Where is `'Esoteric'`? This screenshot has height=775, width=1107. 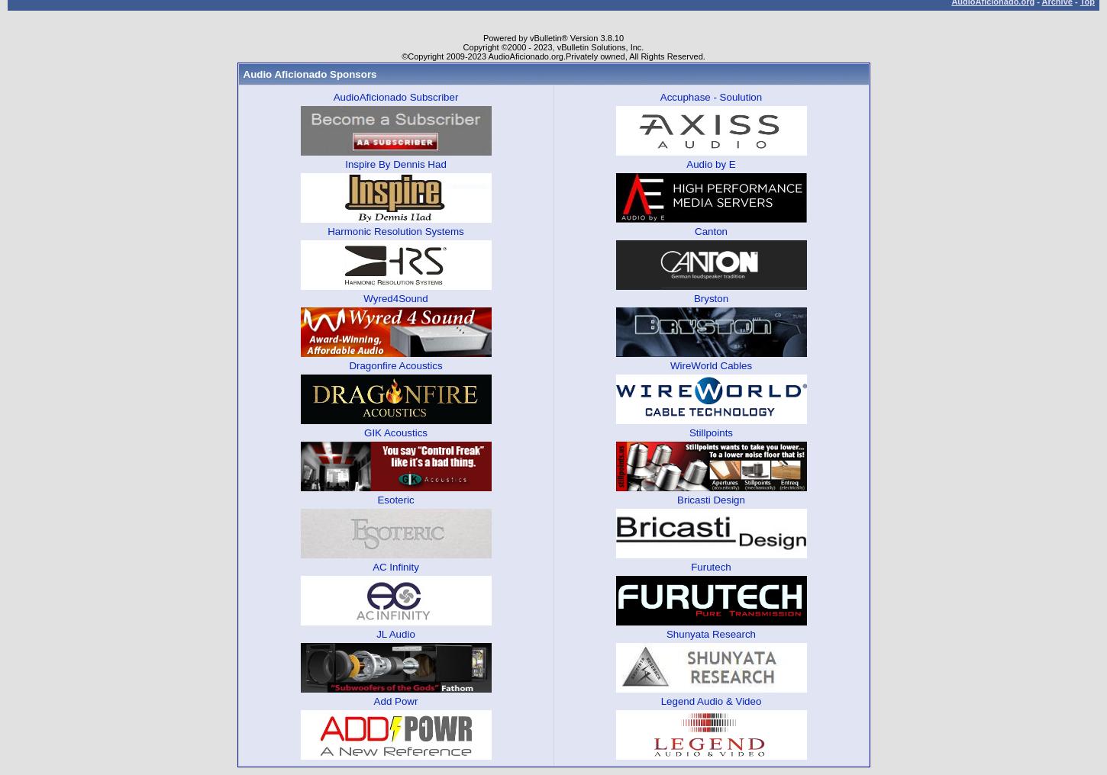
'Esoteric' is located at coordinates (395, 498).